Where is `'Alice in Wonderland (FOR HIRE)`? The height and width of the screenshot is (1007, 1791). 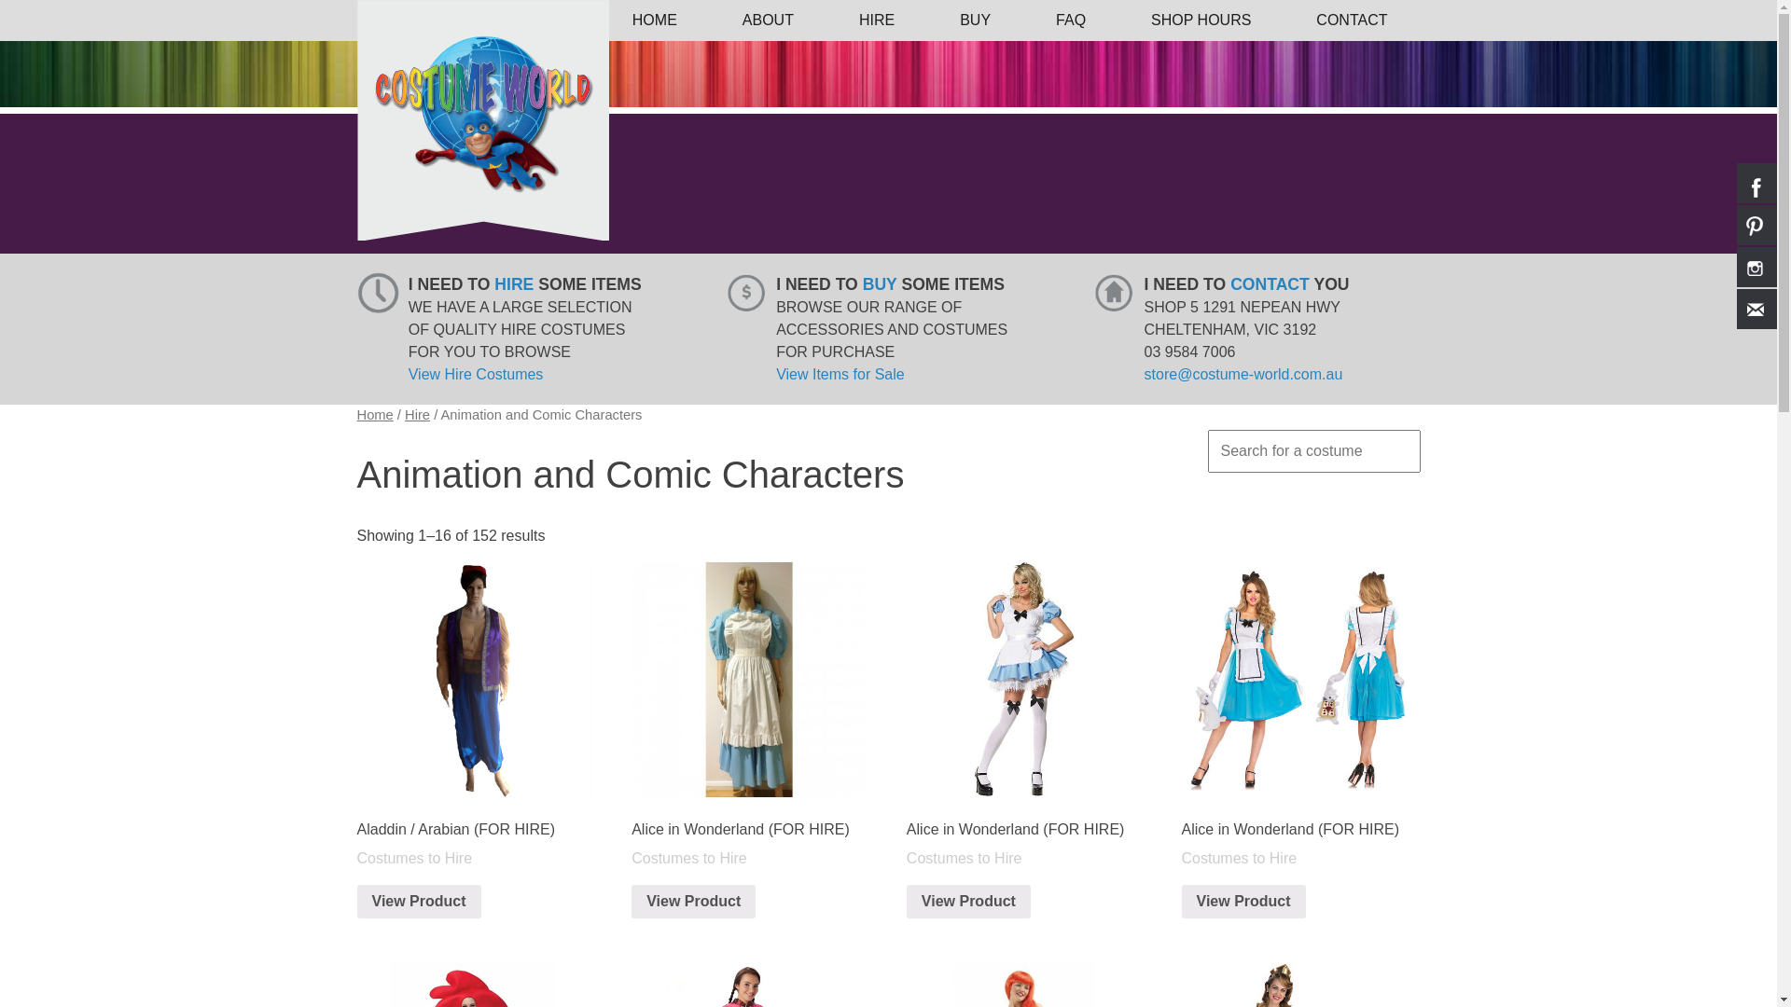 'Alice in Wonderland (FOR HIRE) is located at coordinates (1022, 713).